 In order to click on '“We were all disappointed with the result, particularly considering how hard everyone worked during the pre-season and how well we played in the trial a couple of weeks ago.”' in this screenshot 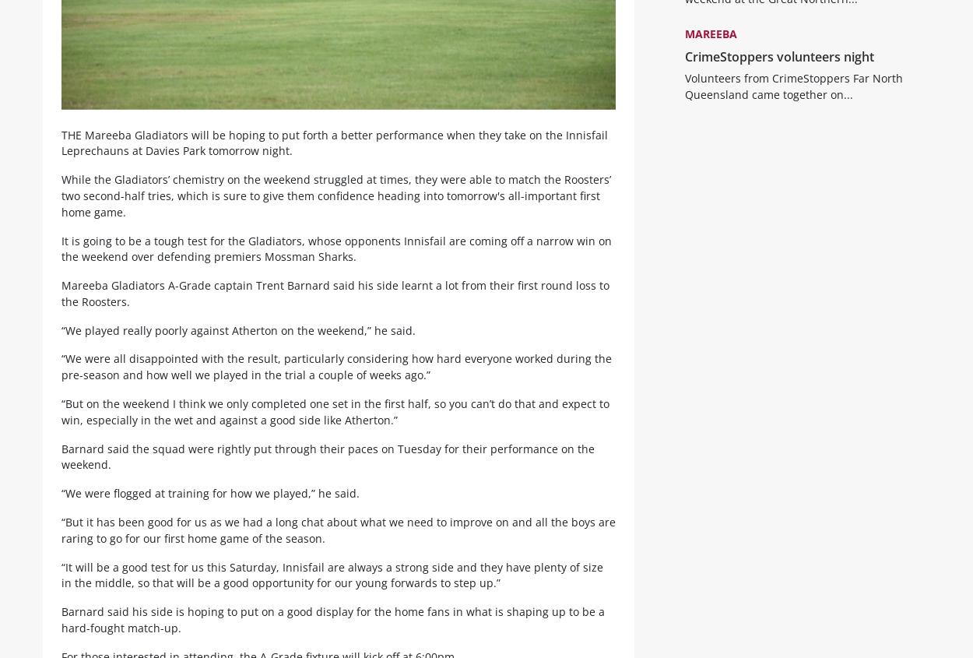, I will do `click(61, 378)`.